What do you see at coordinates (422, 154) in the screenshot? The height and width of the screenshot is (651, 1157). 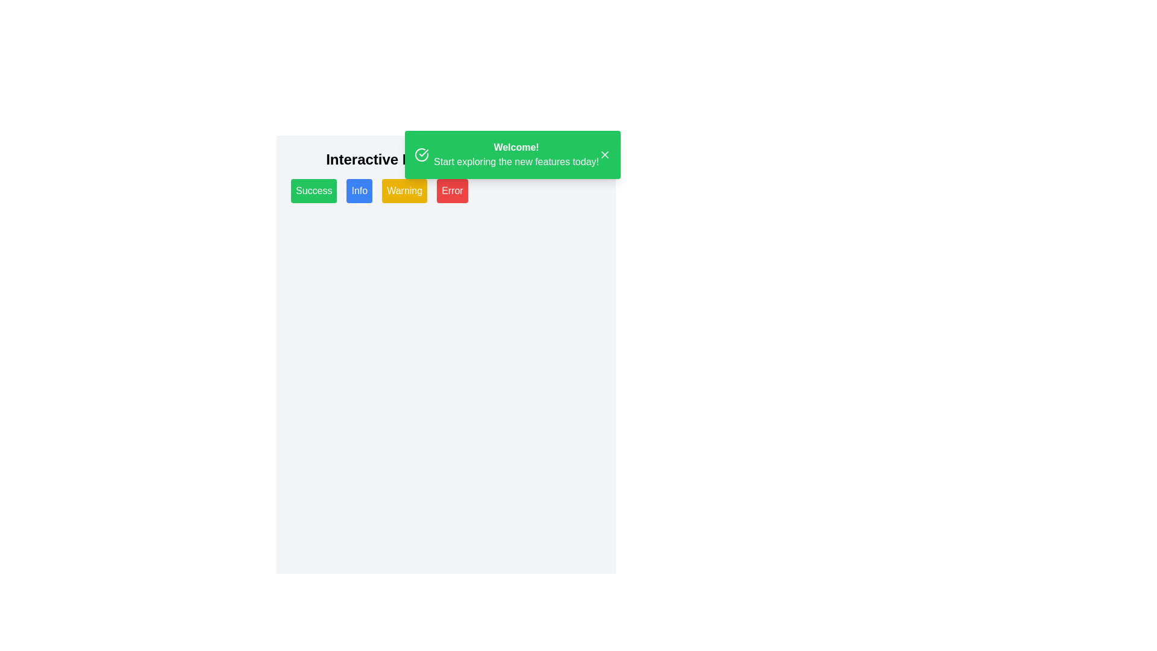 I see `the success status icon located to the left of the text 'Welcome! Start exploring the new features today!' in the green notification banner at the top right corner of the interface for possible interactions` at bounding box center [422, 154].